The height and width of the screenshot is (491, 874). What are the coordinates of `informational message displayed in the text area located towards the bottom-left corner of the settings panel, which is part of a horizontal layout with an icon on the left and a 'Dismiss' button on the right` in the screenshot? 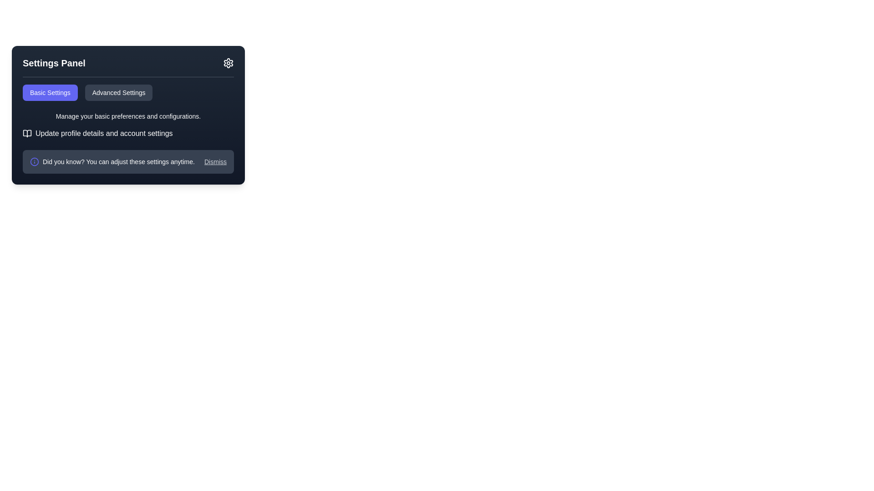 It's located at (118, 161).